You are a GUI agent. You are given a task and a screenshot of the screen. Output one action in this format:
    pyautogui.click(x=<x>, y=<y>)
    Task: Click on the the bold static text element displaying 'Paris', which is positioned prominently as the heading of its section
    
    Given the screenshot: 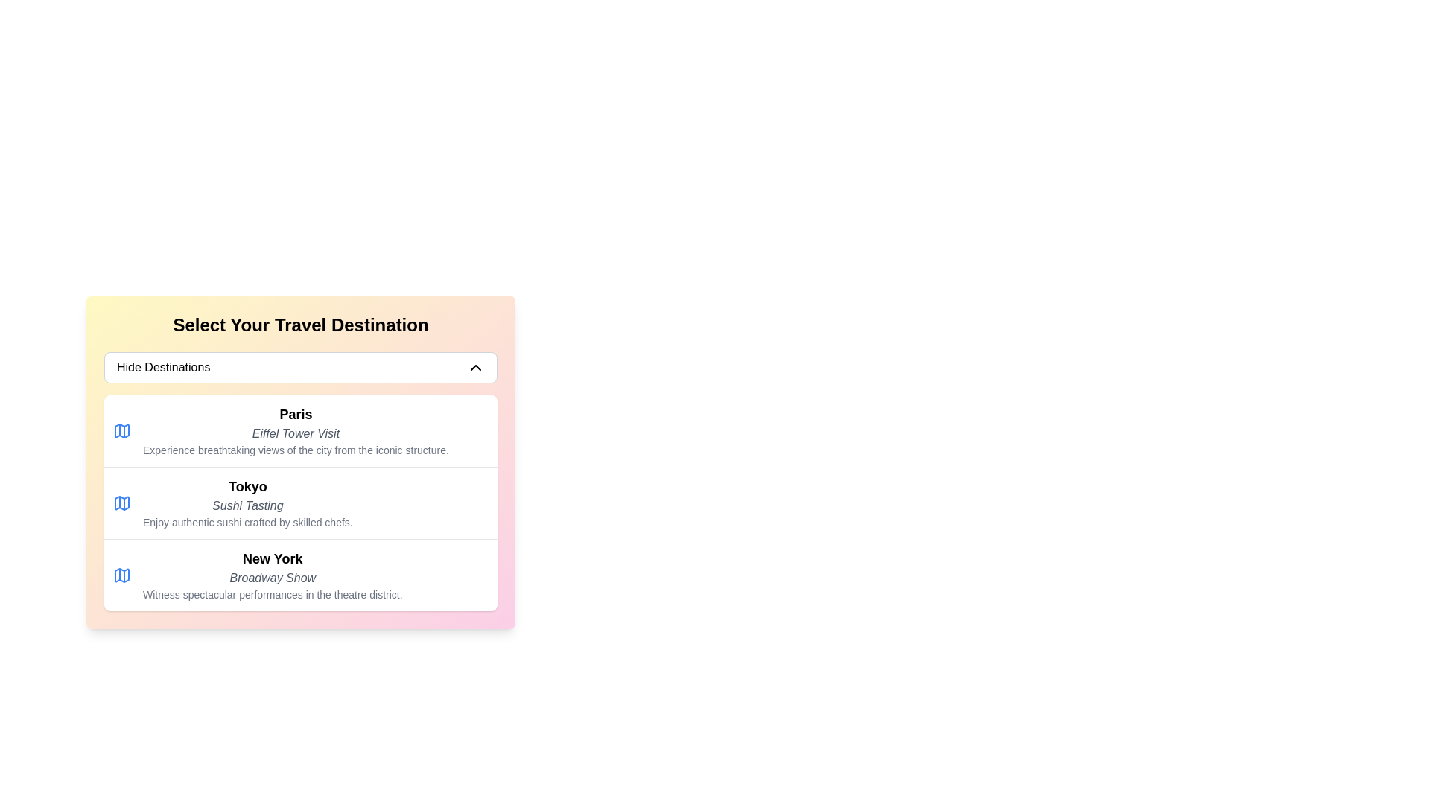 What is the action you would take?
    pyautogui.click(x=296, y=414)
    